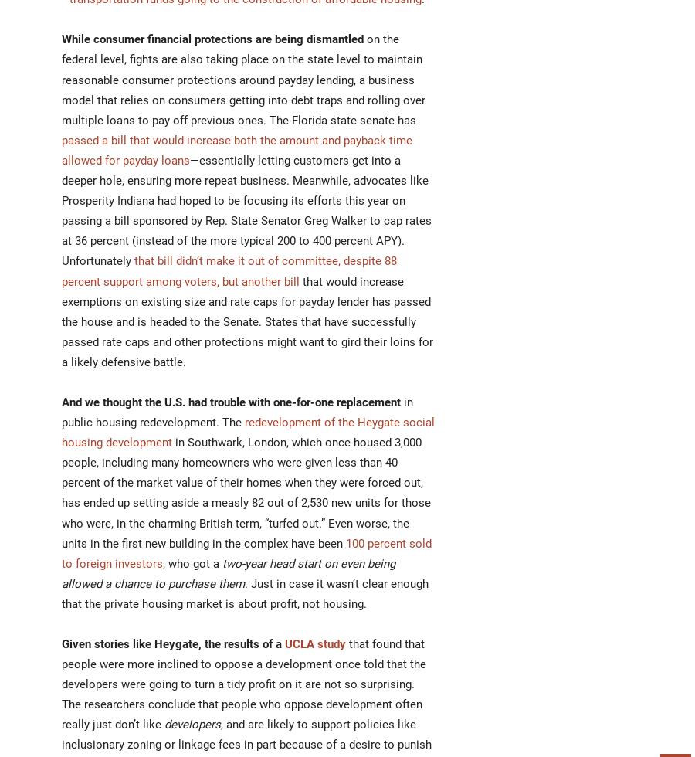 This screenshot has height=757, width=695. I want to click on 'developers', so click(192, 724).